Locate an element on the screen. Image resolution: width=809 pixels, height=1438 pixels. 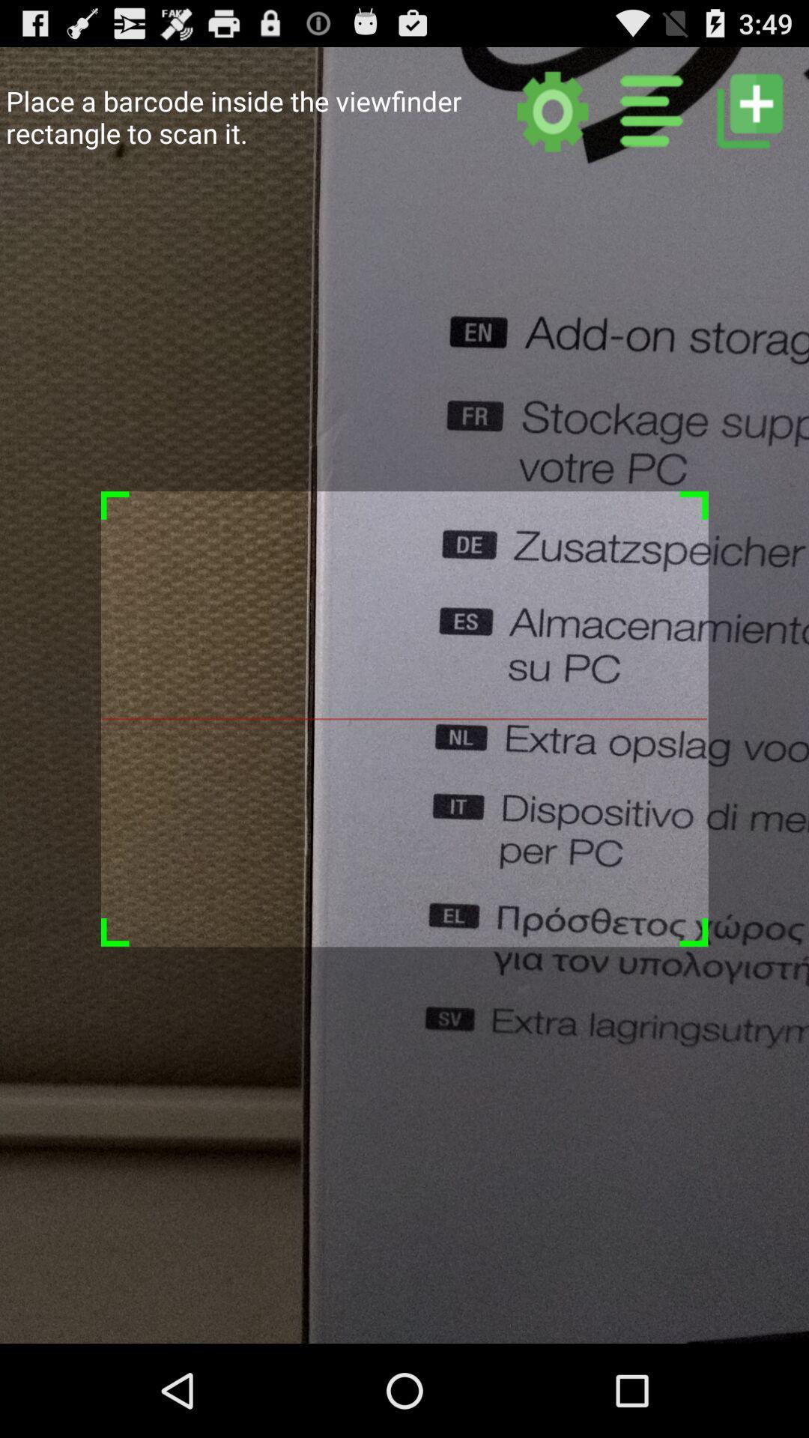
open settings is located at coordinates (553, 110).